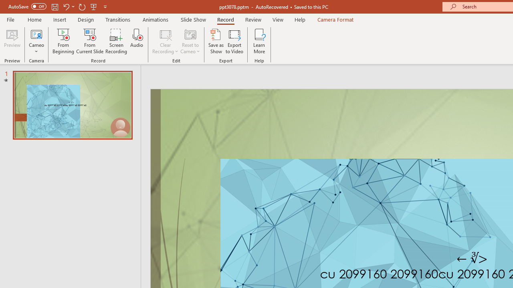 Image resolution: width=513 pixels, height=288 pixels. Describe the element at coordinates (190, 41) in the screenshot. I see `'Reset to Cameo'` at that location.